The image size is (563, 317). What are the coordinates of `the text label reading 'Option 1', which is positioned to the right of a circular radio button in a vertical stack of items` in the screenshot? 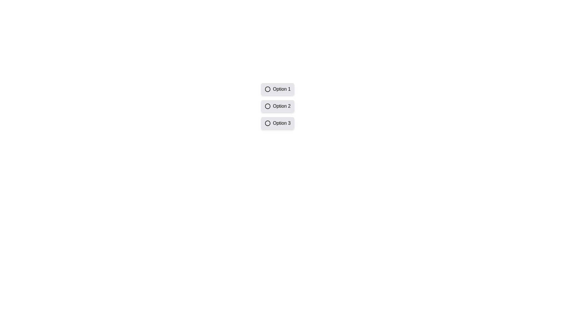 It's located at (281, 89).